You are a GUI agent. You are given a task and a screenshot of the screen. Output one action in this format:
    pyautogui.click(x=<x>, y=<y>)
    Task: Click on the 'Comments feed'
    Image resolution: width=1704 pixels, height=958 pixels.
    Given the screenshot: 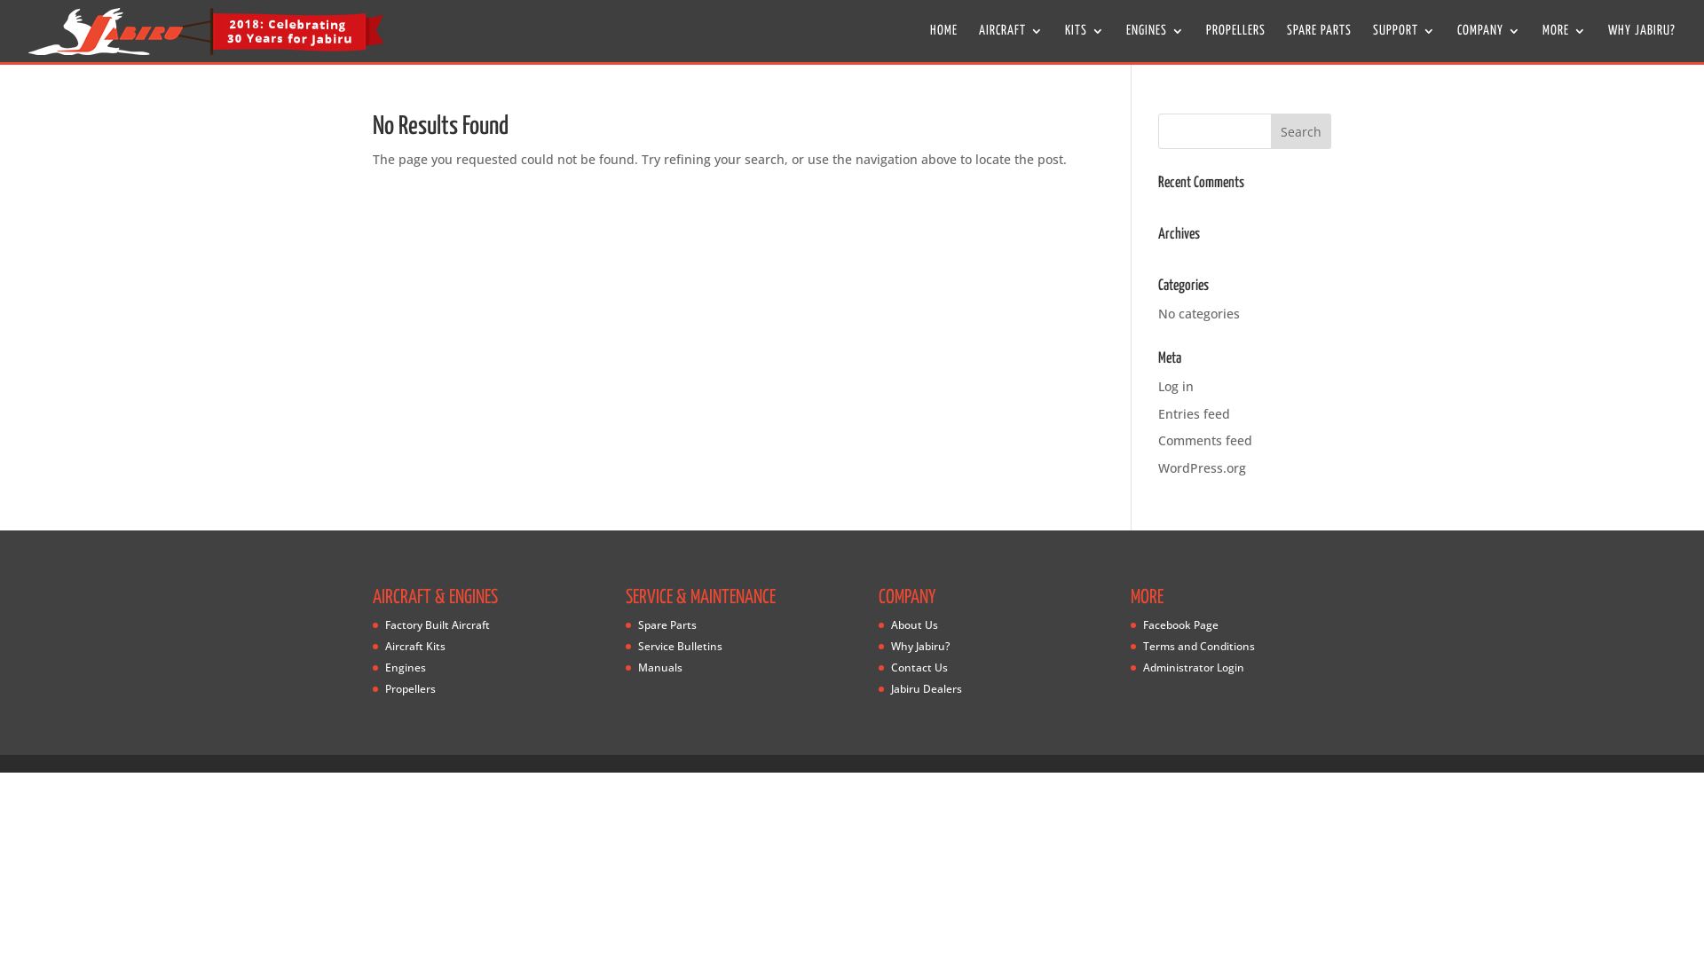 What is the action you would take?
    pyautogui.click(x=1205, y=439)
    